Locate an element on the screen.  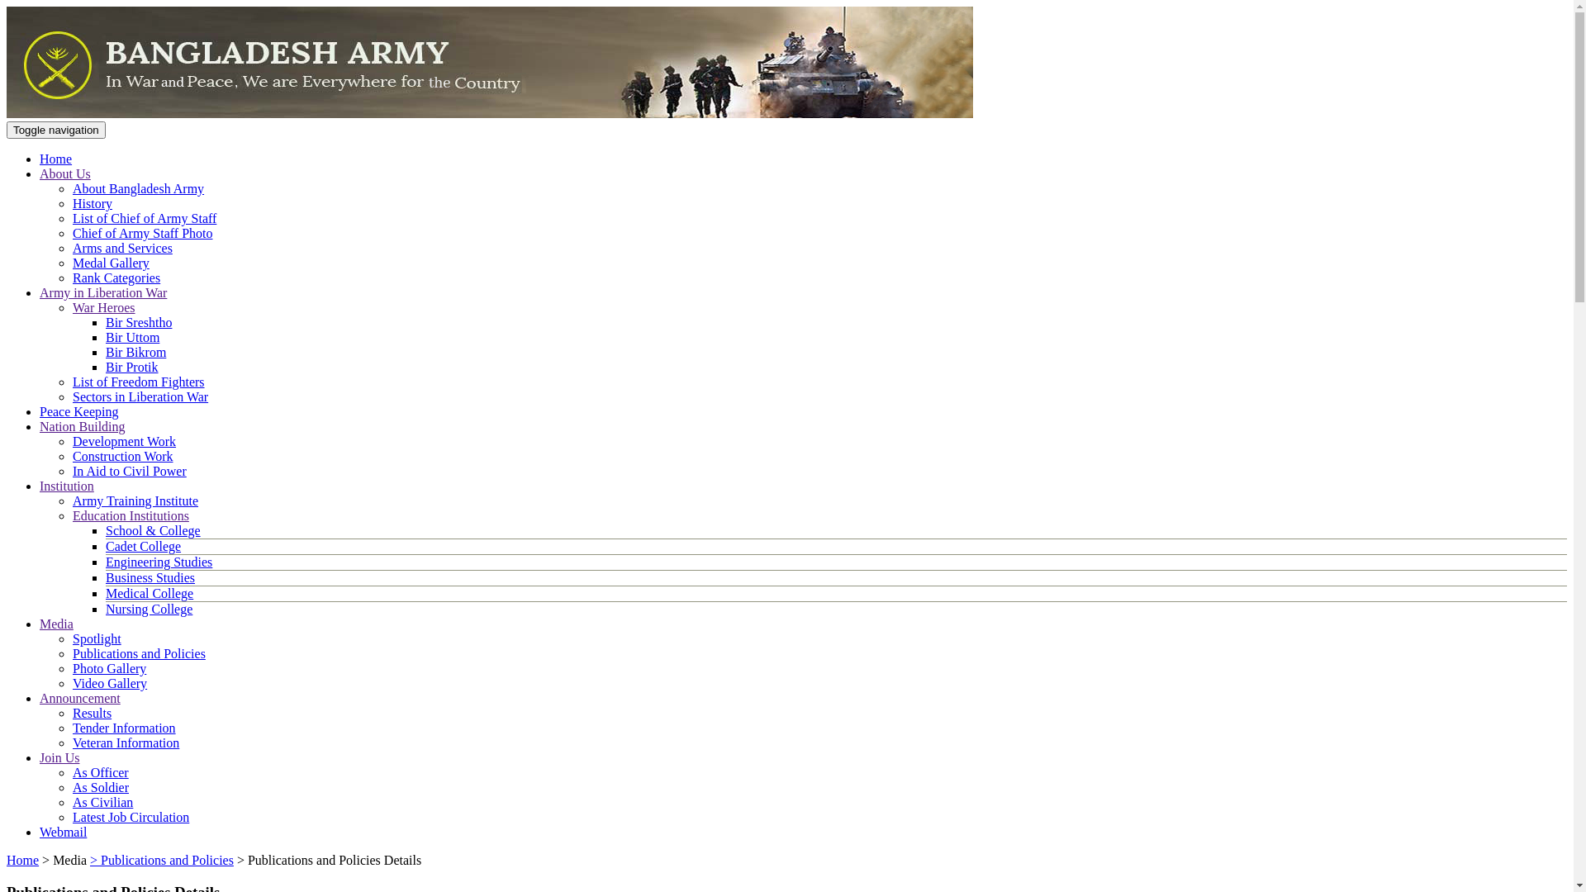
'Rank Categories' is located at coordinates (115, 277).